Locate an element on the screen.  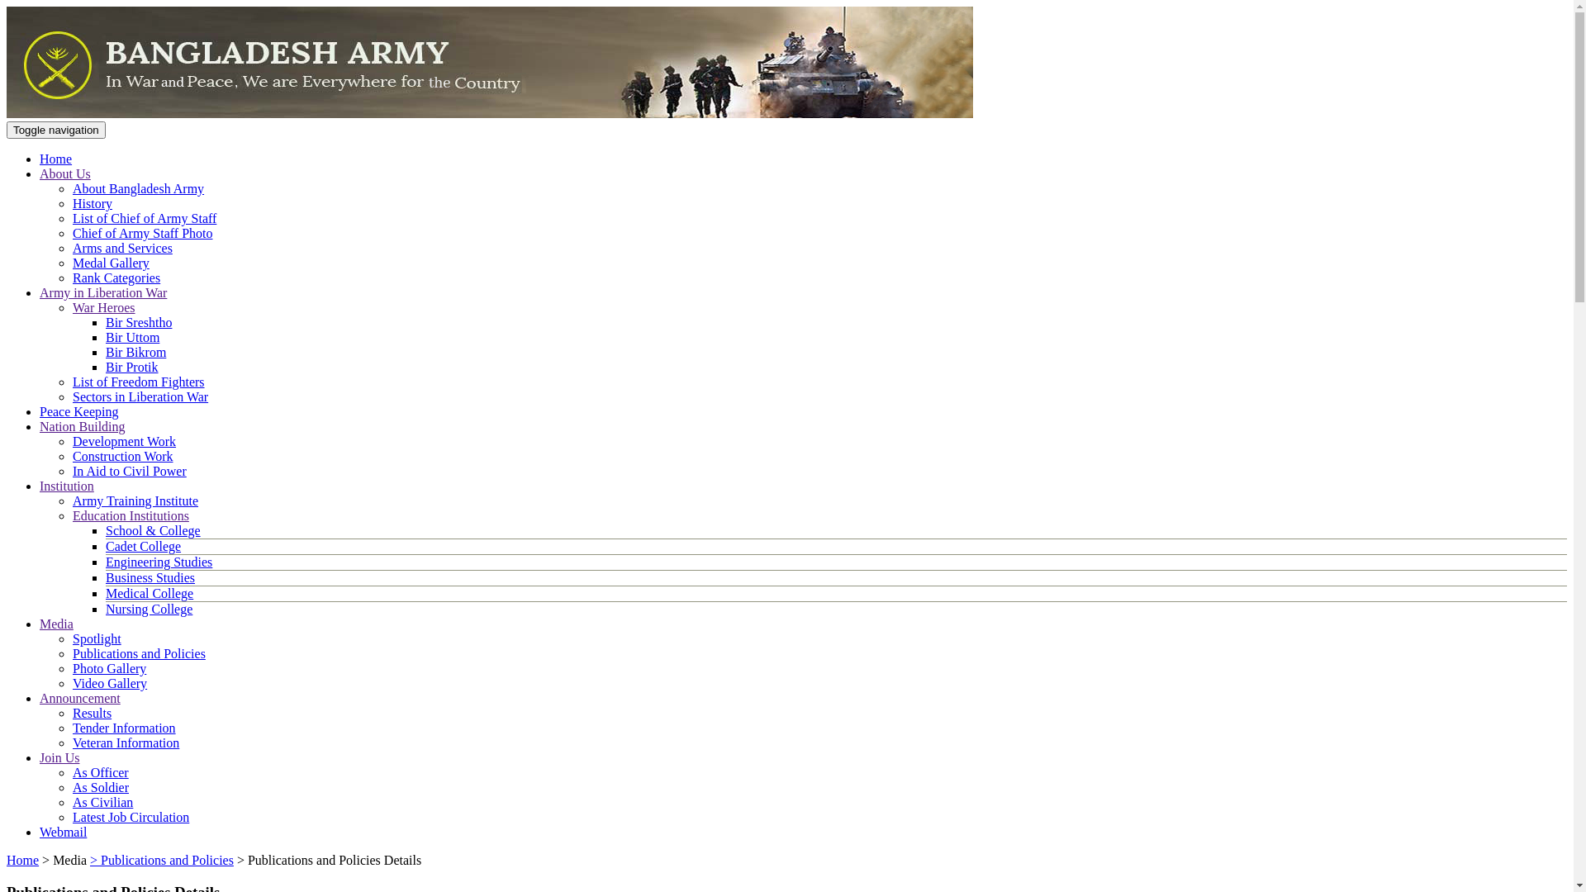
'Rank Categories' is located at coordinates (115, 277).